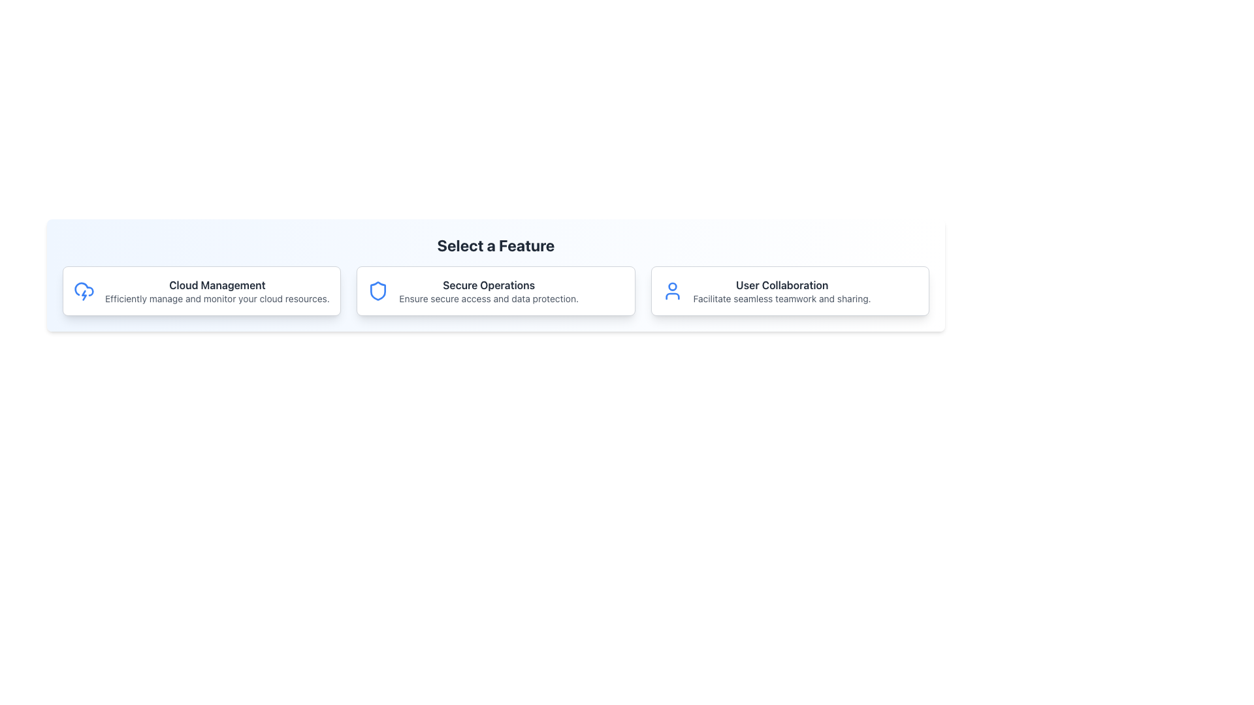  I want to click on the bold dark-gray text label reading 'Secure Operations' to trigger any hover-based effects, so click(488, 284).